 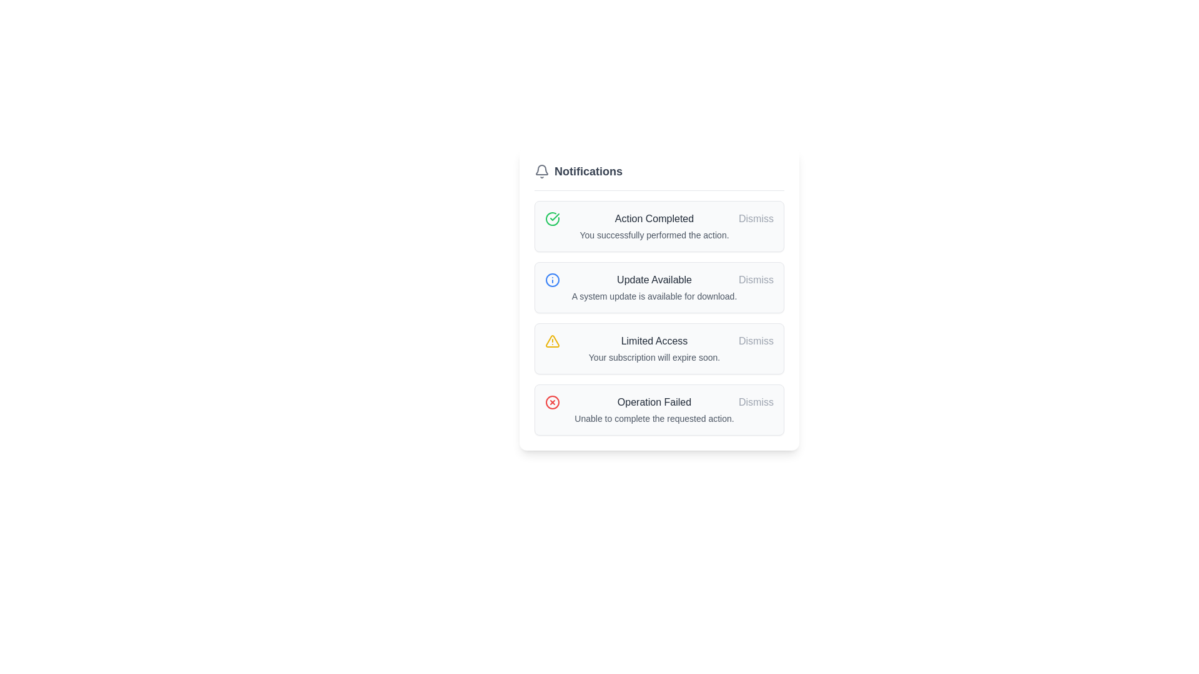 I want to click on the checkmark icon within a green circle, located in the status or feedback notification section, associated with the 'Action Completed' notification, so click(x=554, y=216).